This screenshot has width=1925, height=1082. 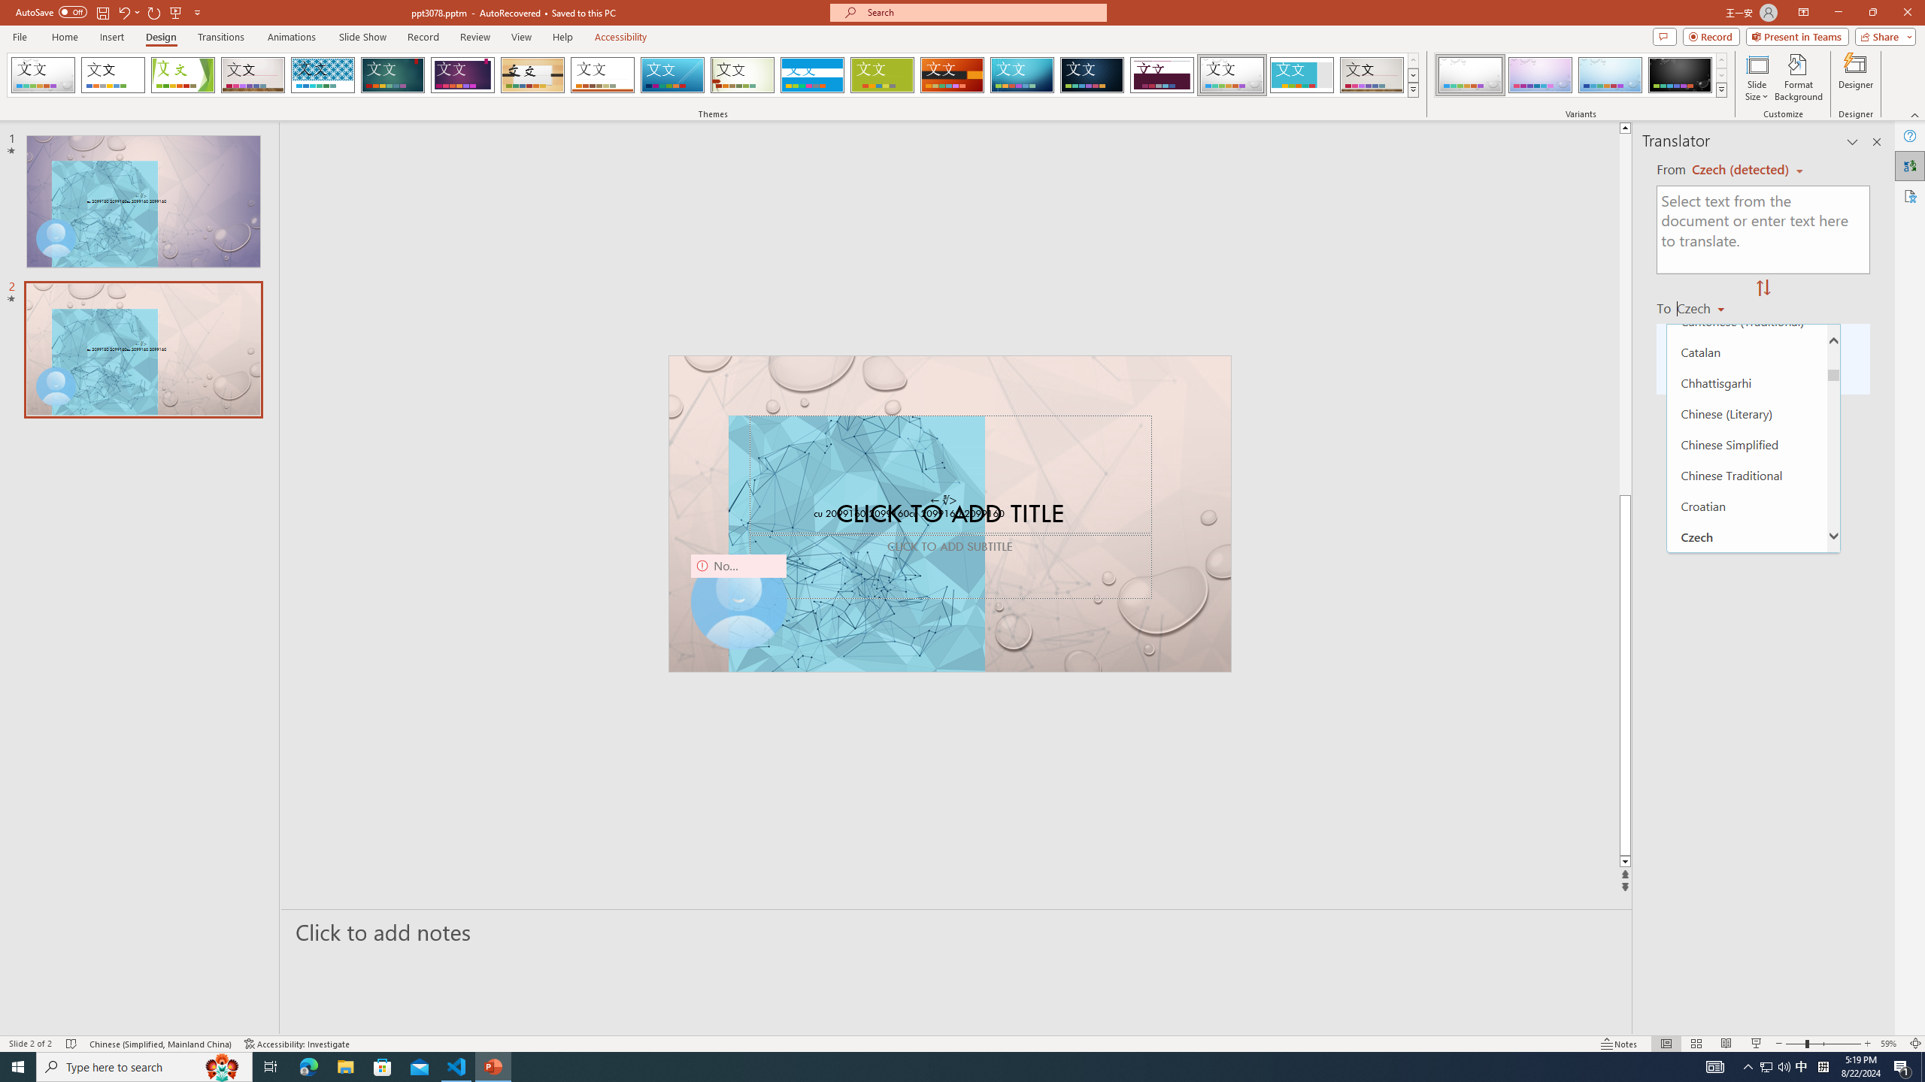 What do you see at coordinates (1469, 74) in the screenshot?
I see `'Droplet Variant 1'` at bounding box center [1469, 74].